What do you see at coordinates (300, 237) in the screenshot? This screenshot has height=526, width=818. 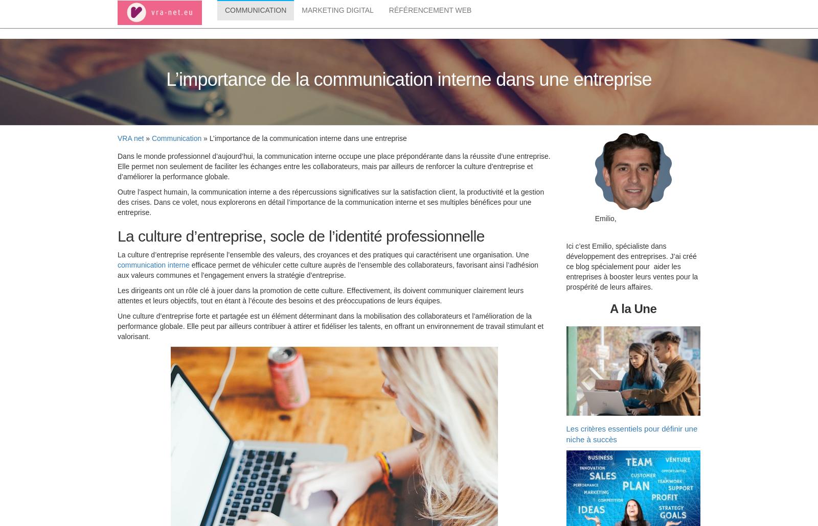 I see `'La culture d’entreprise, socle de l’identité professionnelle'` at bounding box center [300, 237].